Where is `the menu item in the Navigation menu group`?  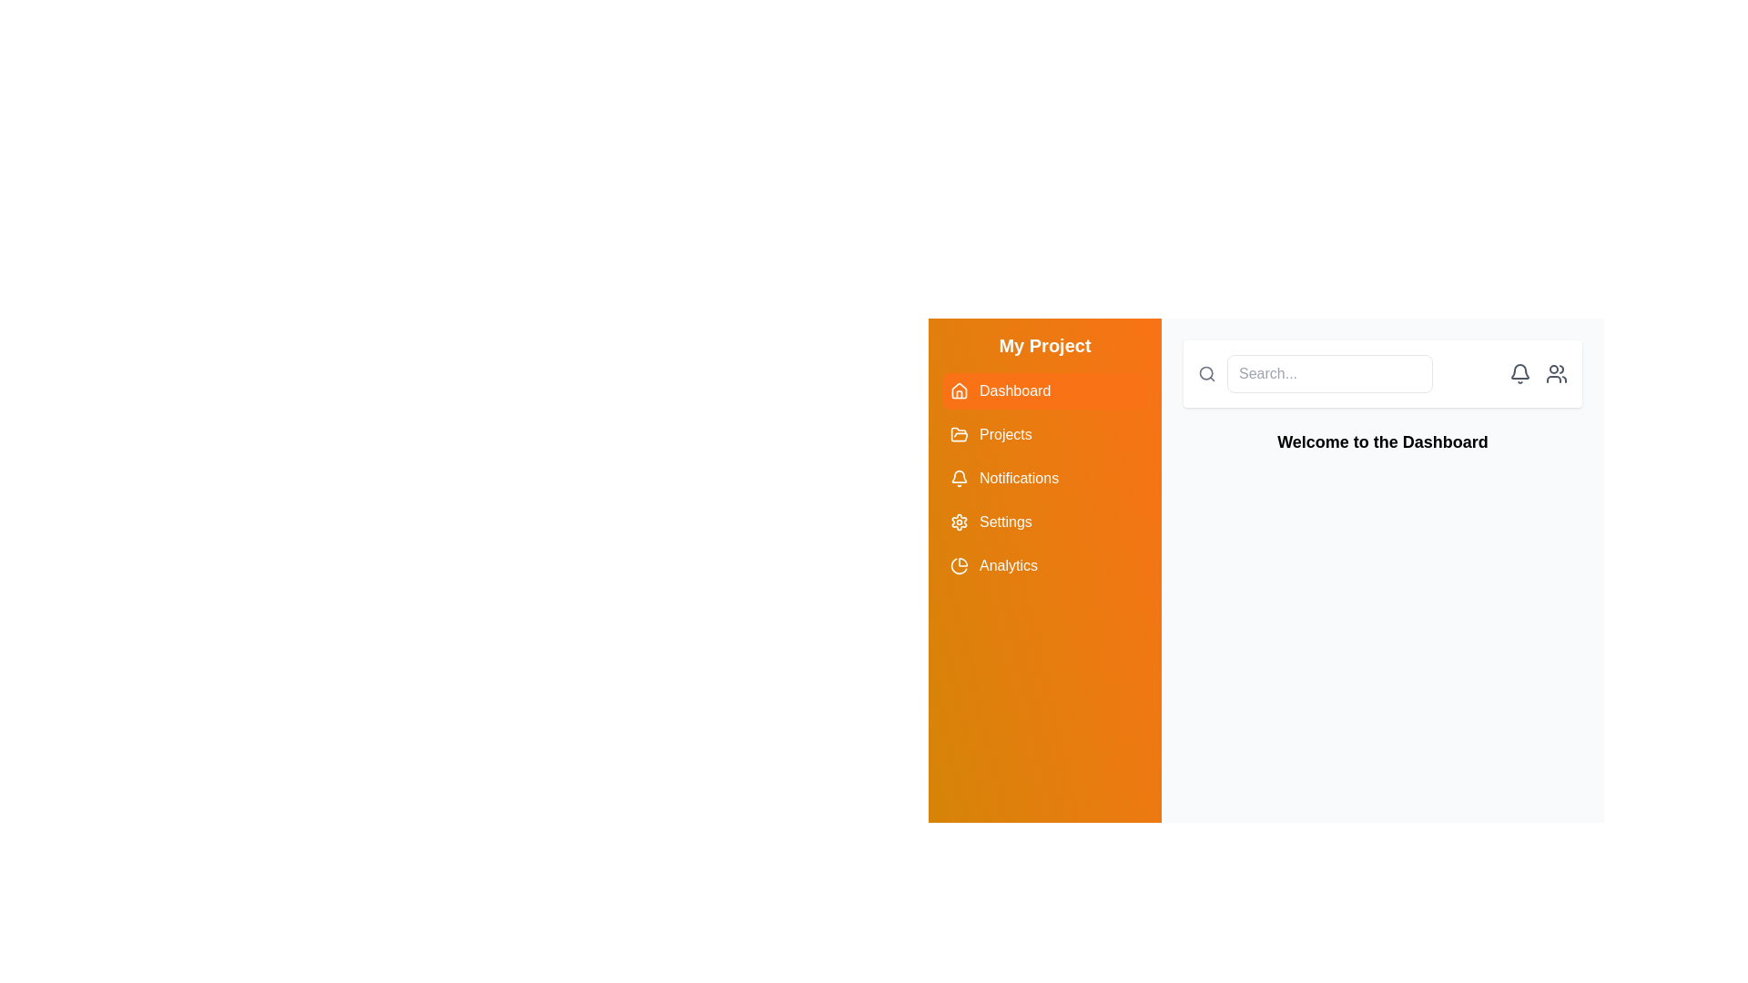 the menu item in the Navigation menu group is located at coordinates (1044, 477).